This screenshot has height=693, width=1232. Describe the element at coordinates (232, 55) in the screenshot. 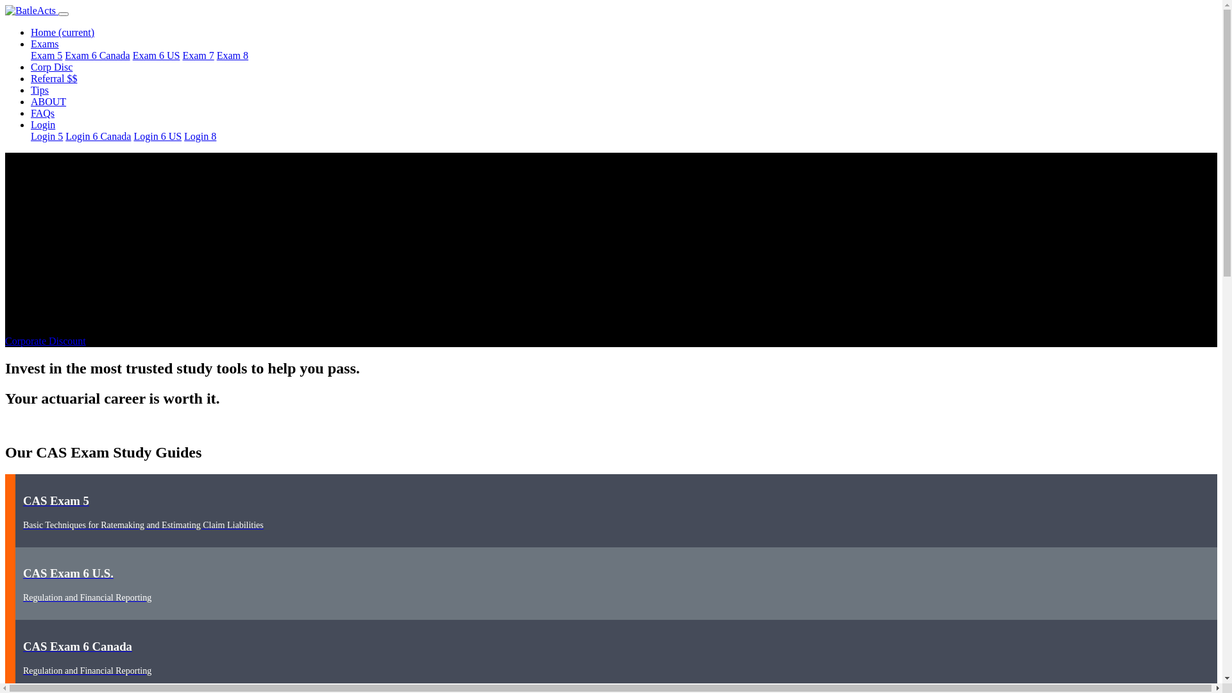

I see `'Exam 8'` at that location.